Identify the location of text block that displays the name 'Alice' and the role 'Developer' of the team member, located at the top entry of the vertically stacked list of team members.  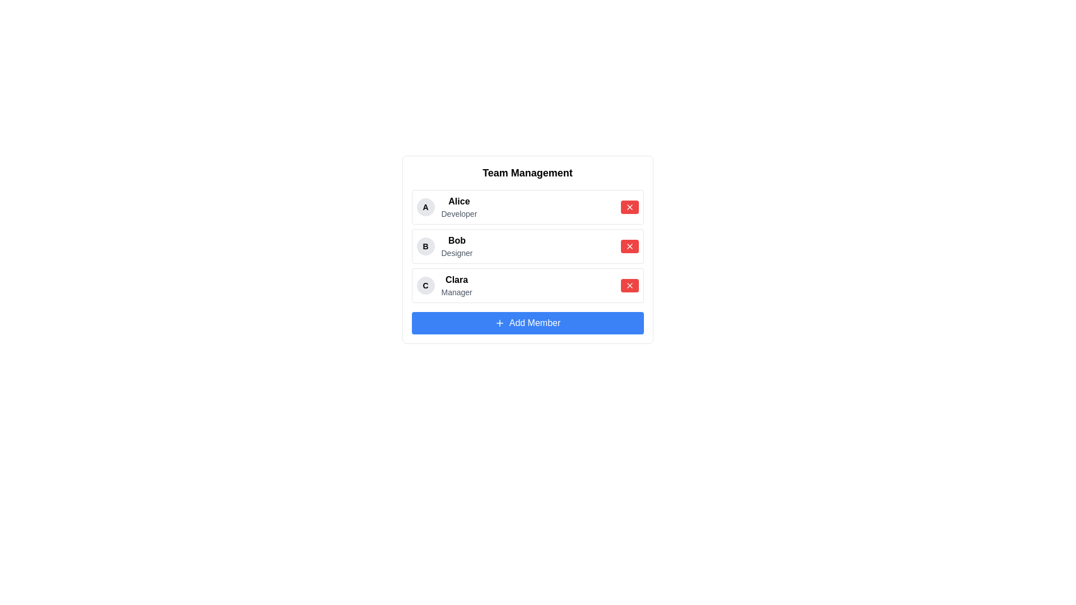
(459, 207).